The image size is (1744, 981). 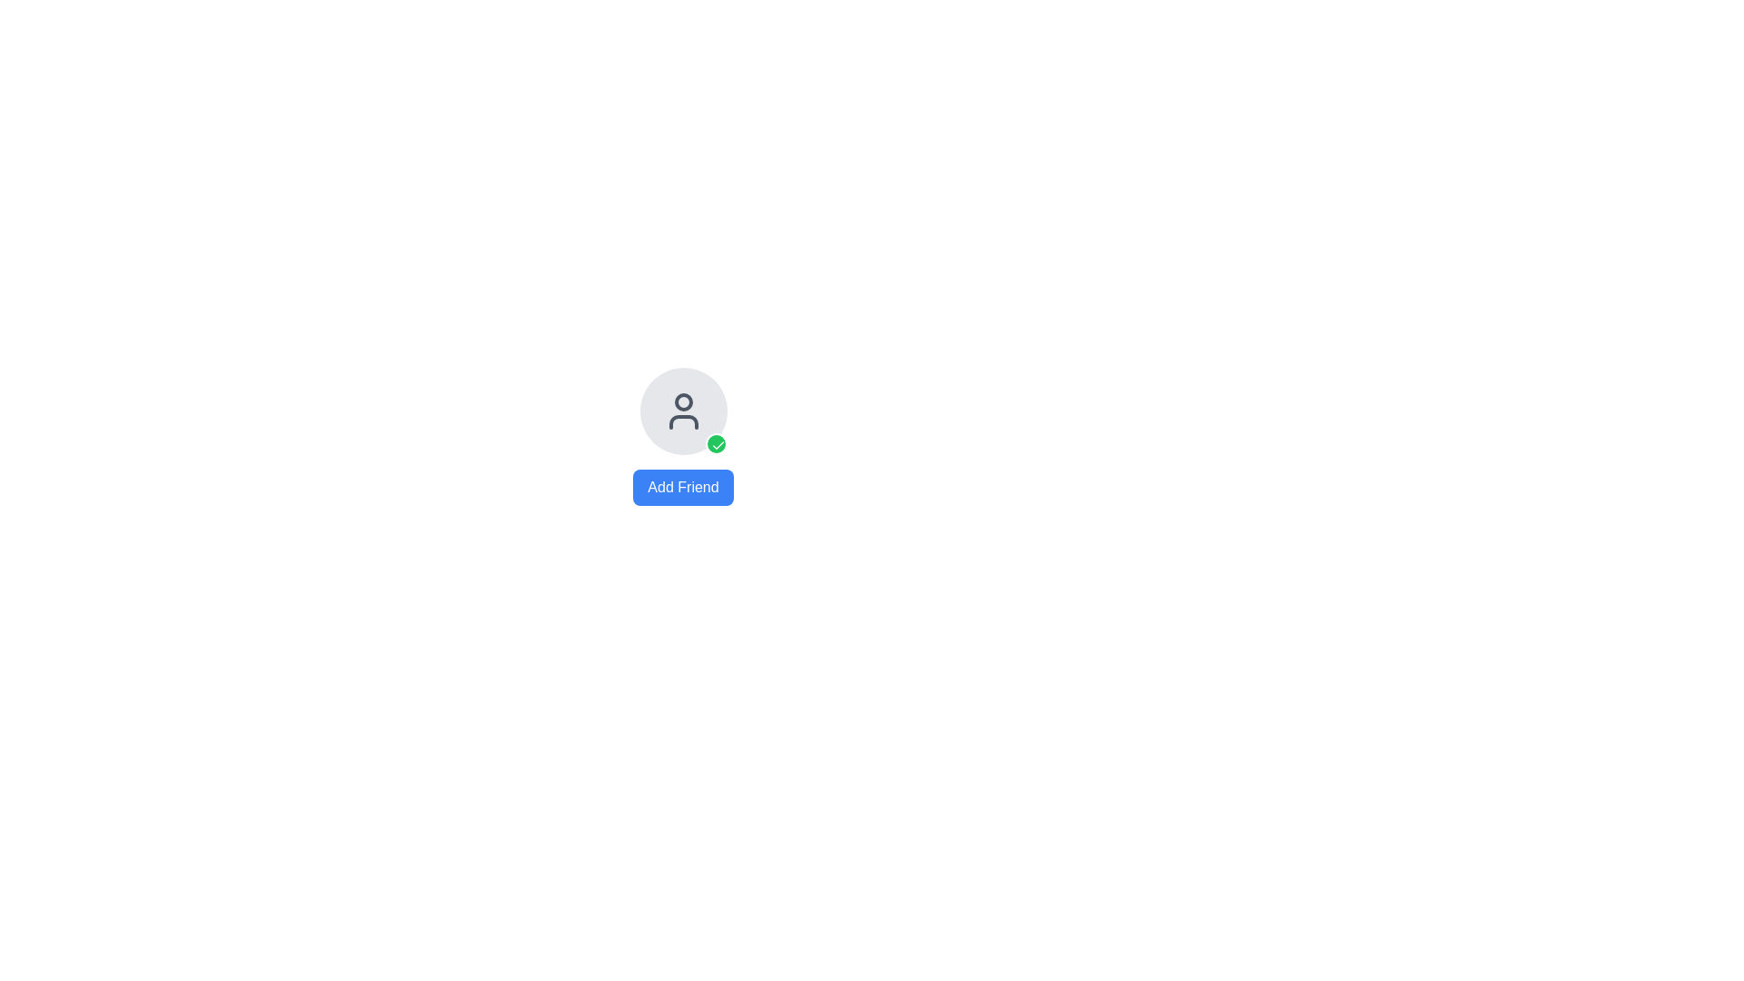 I want to click on the circular decorative icon located at the top-center of the user profile icon, which signifies user status, so click(x=682, y=401).